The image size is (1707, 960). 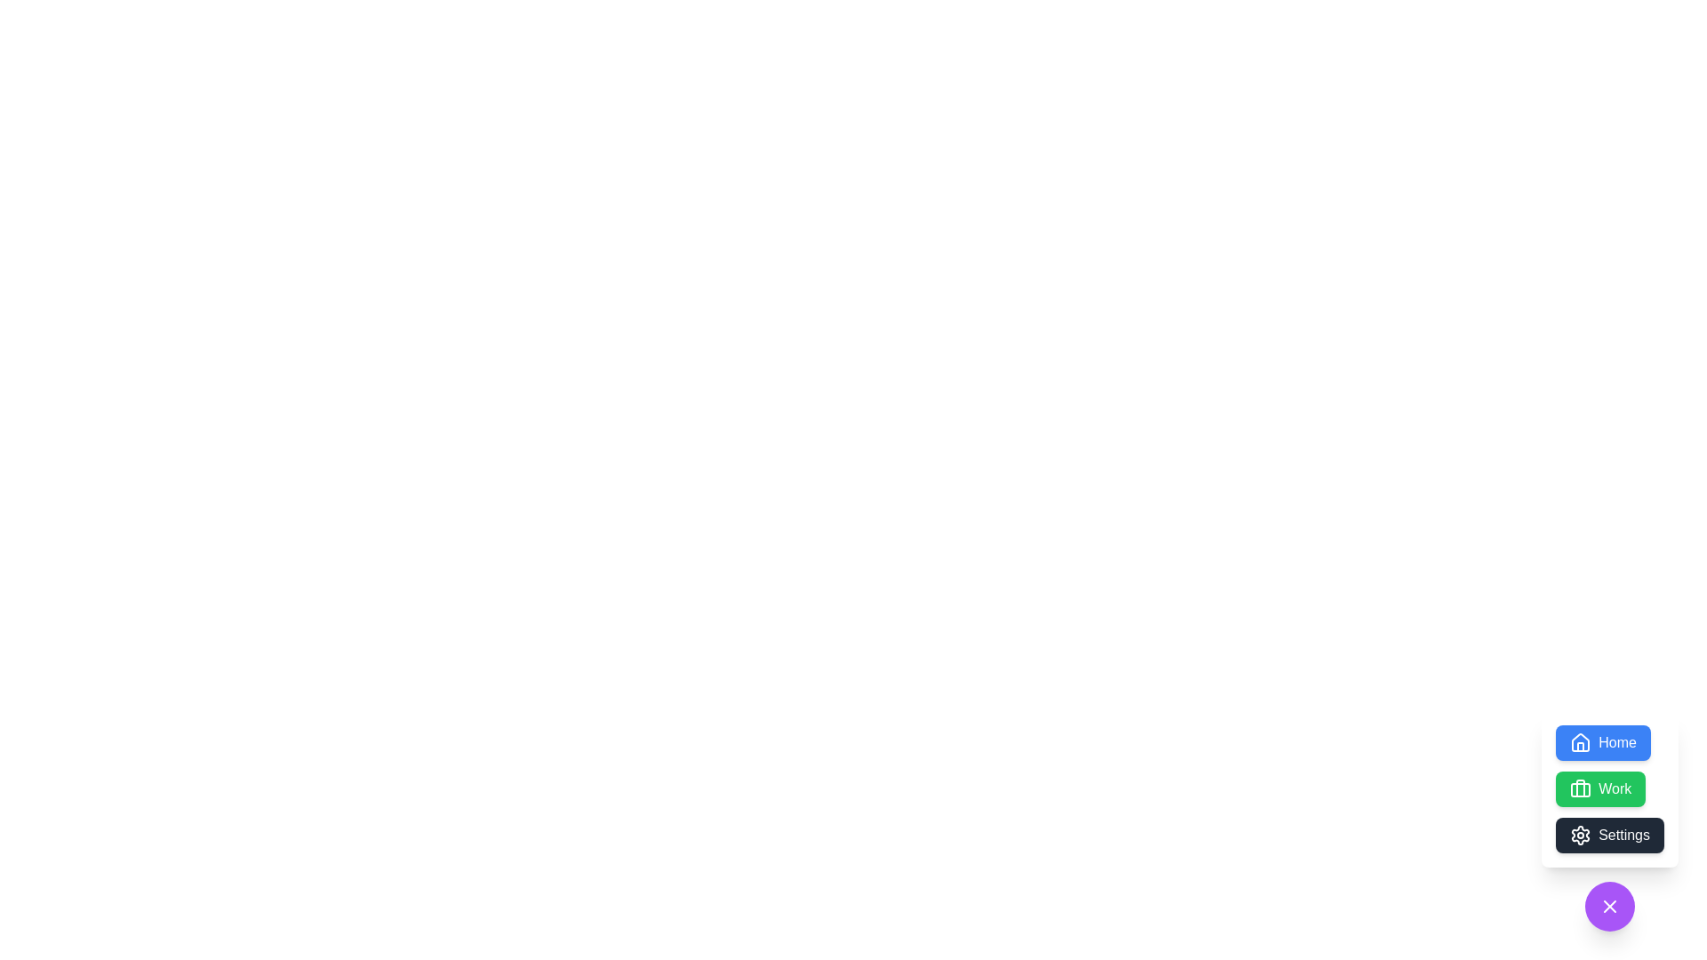 I want to click on the 'Work' button which contains the decorative SVG rectangle element that is part of a briefcase icon, so click(x=1581, y=788).